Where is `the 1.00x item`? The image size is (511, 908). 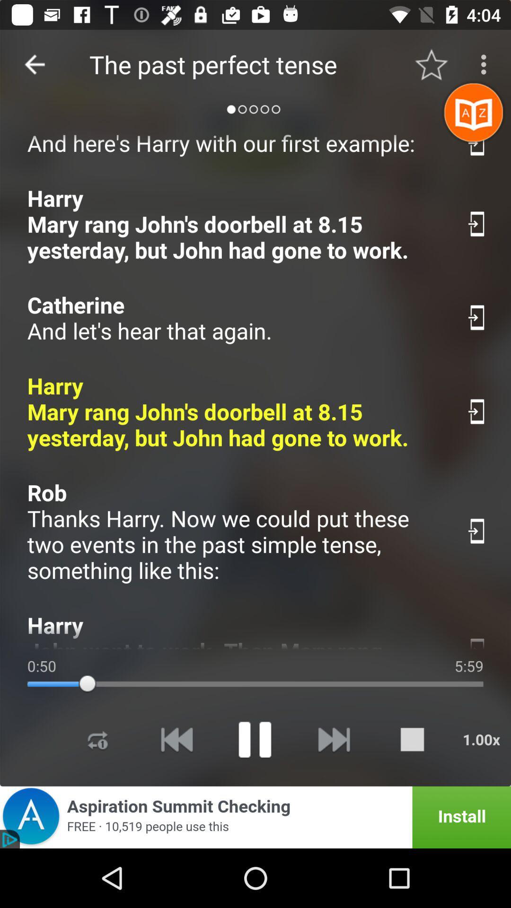 the 1.00x item is located at coordinates (481, 739).